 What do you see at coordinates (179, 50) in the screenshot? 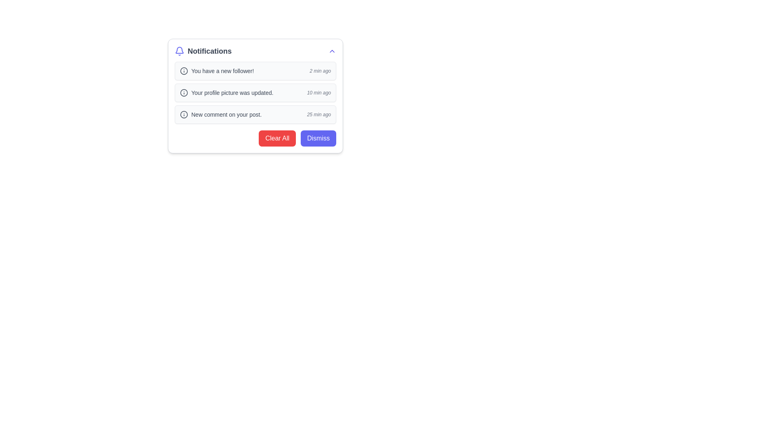
I see `the lower curved part of the bell icon in the notifications header, which indicates alerts or updates` at bounding box center [179, 50].